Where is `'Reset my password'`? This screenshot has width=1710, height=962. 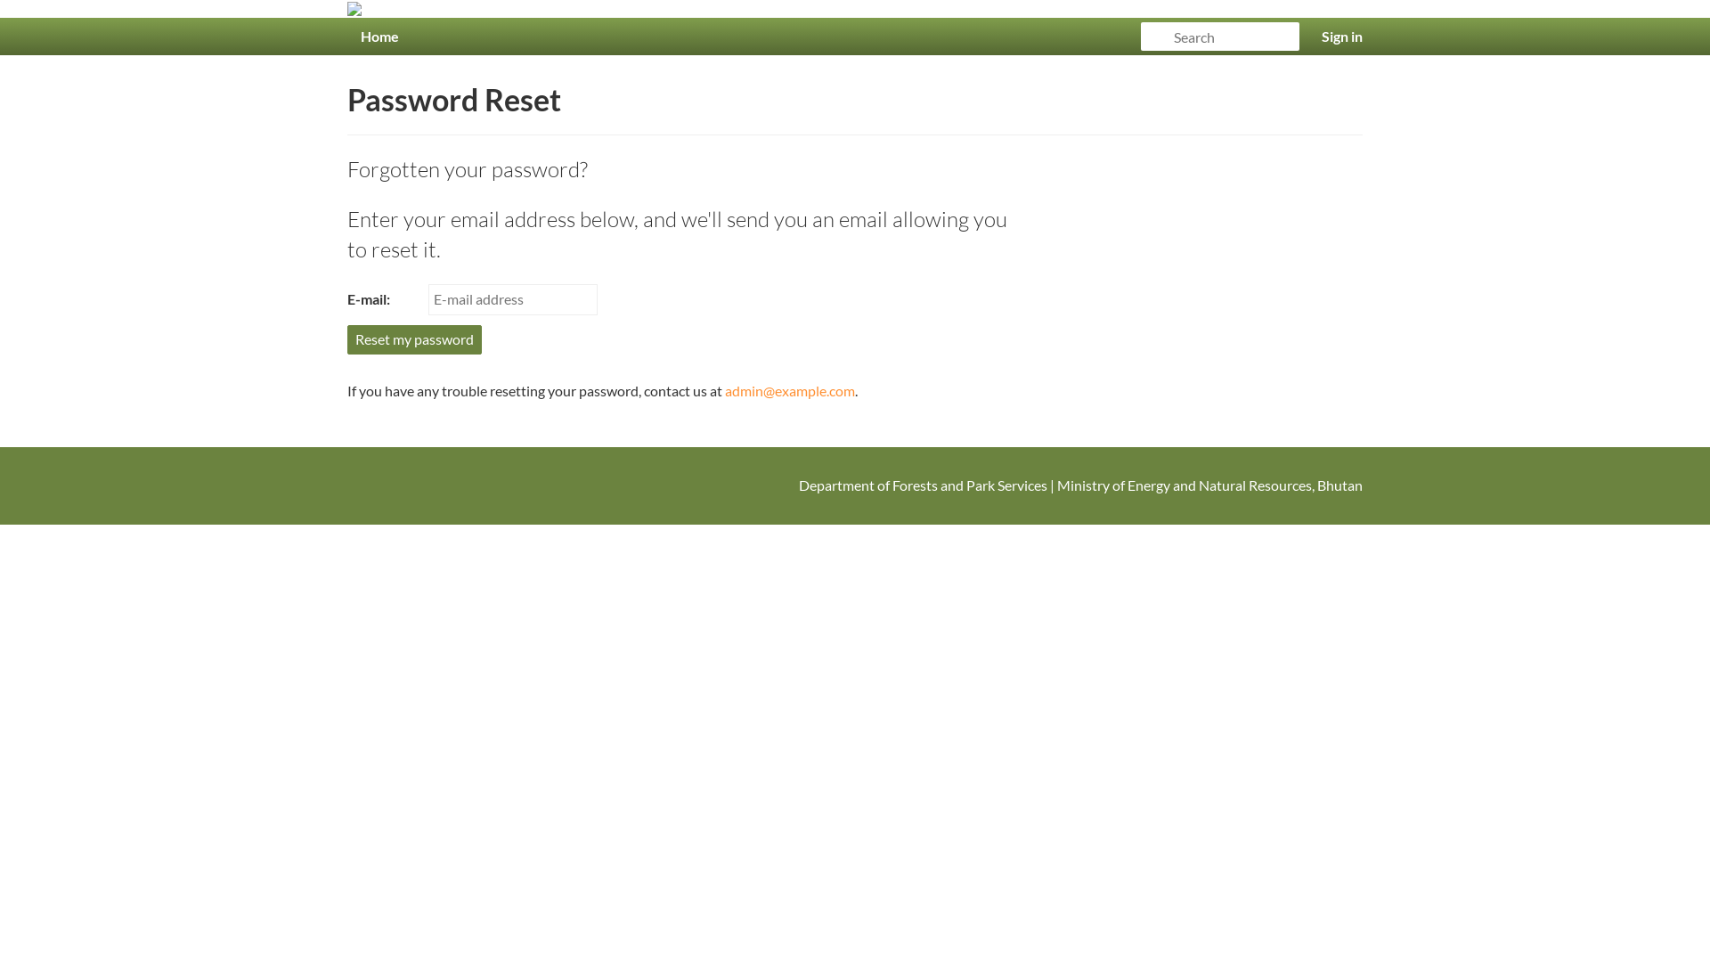
'Reset my password' is located at coordinates (413, 339).